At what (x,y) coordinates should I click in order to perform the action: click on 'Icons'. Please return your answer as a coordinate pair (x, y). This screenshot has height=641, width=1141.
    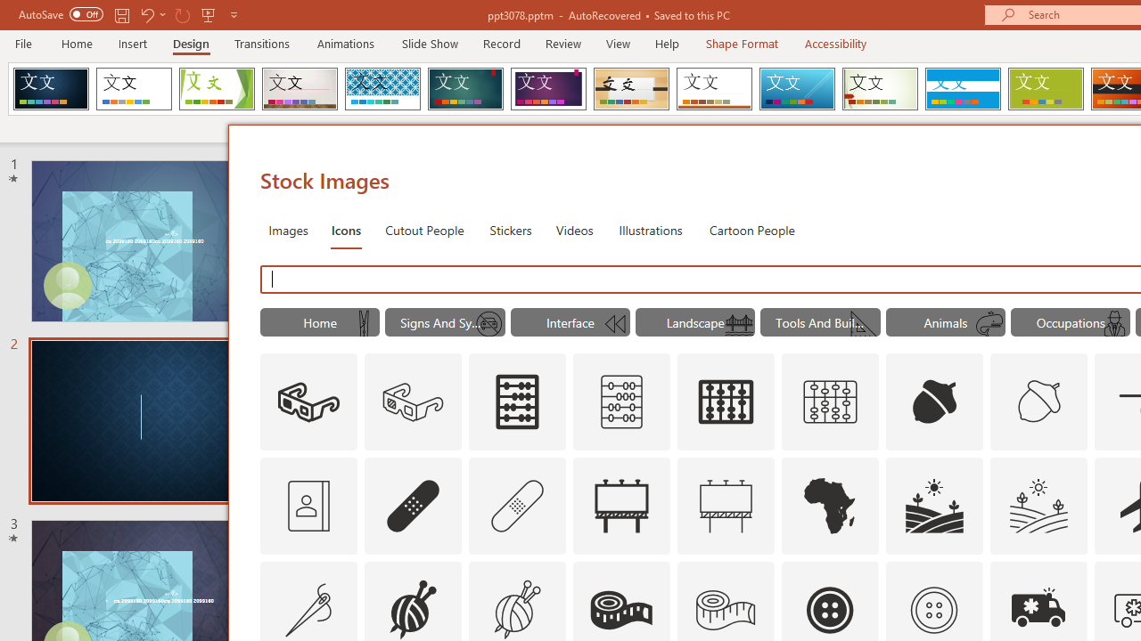
    Looking at the image, I should click on (346, 229).